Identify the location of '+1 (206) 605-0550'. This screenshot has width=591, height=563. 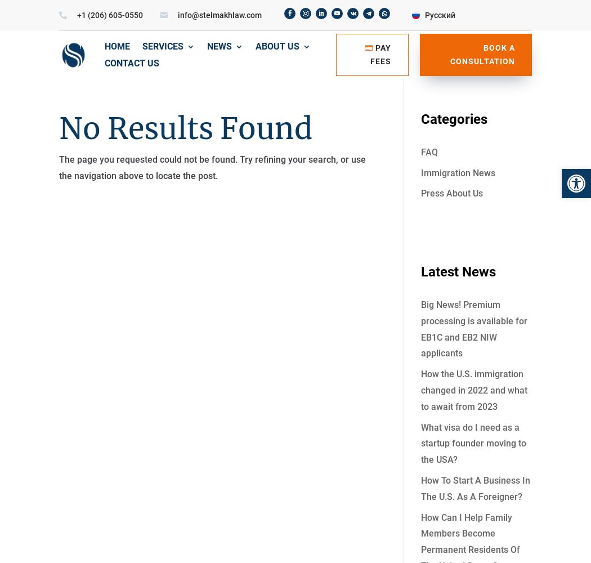
(109, 15).